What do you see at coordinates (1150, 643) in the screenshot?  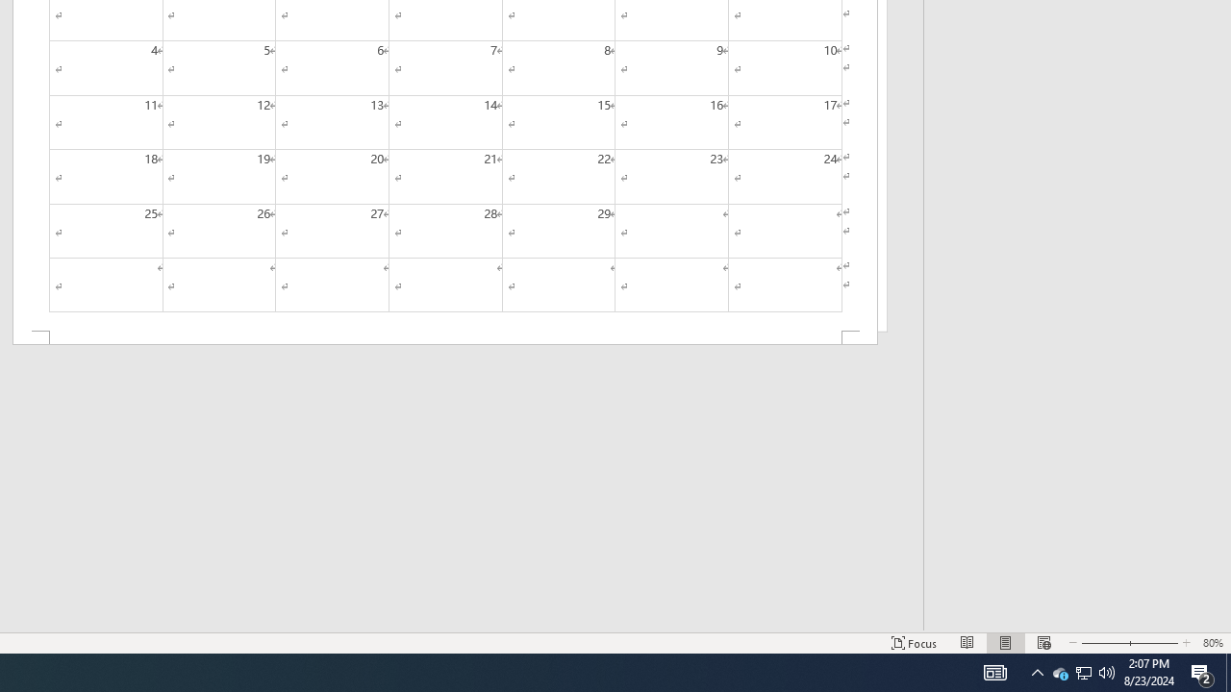 I see `'Zoom In'` at bounding box center [1150, 643].